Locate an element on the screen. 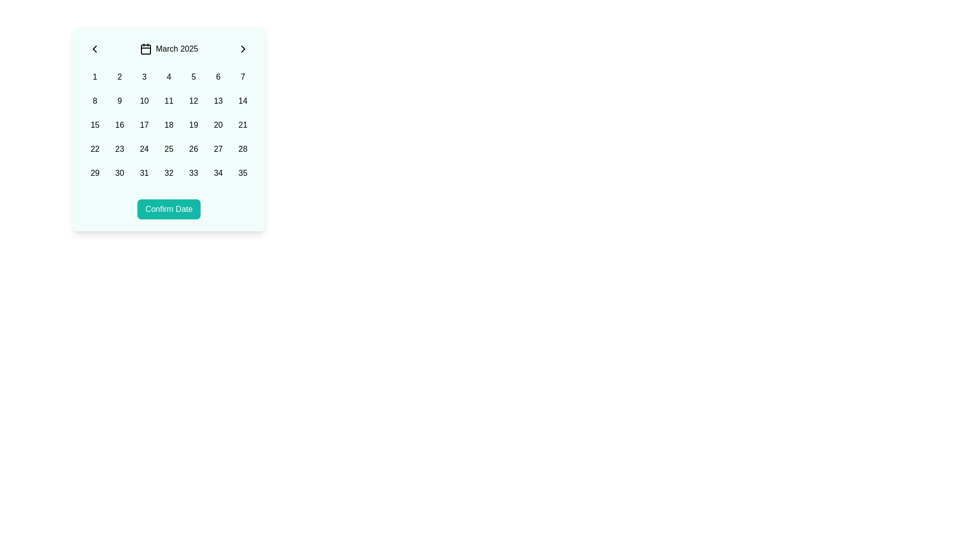  the calendar icon located to the left of the 'March 2025' label to interact with the calendar is located at coordinates (145, 49).